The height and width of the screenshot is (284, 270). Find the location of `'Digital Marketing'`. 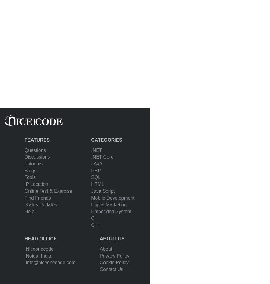

'Digital Marketing' is located at coordinates (91, 204).